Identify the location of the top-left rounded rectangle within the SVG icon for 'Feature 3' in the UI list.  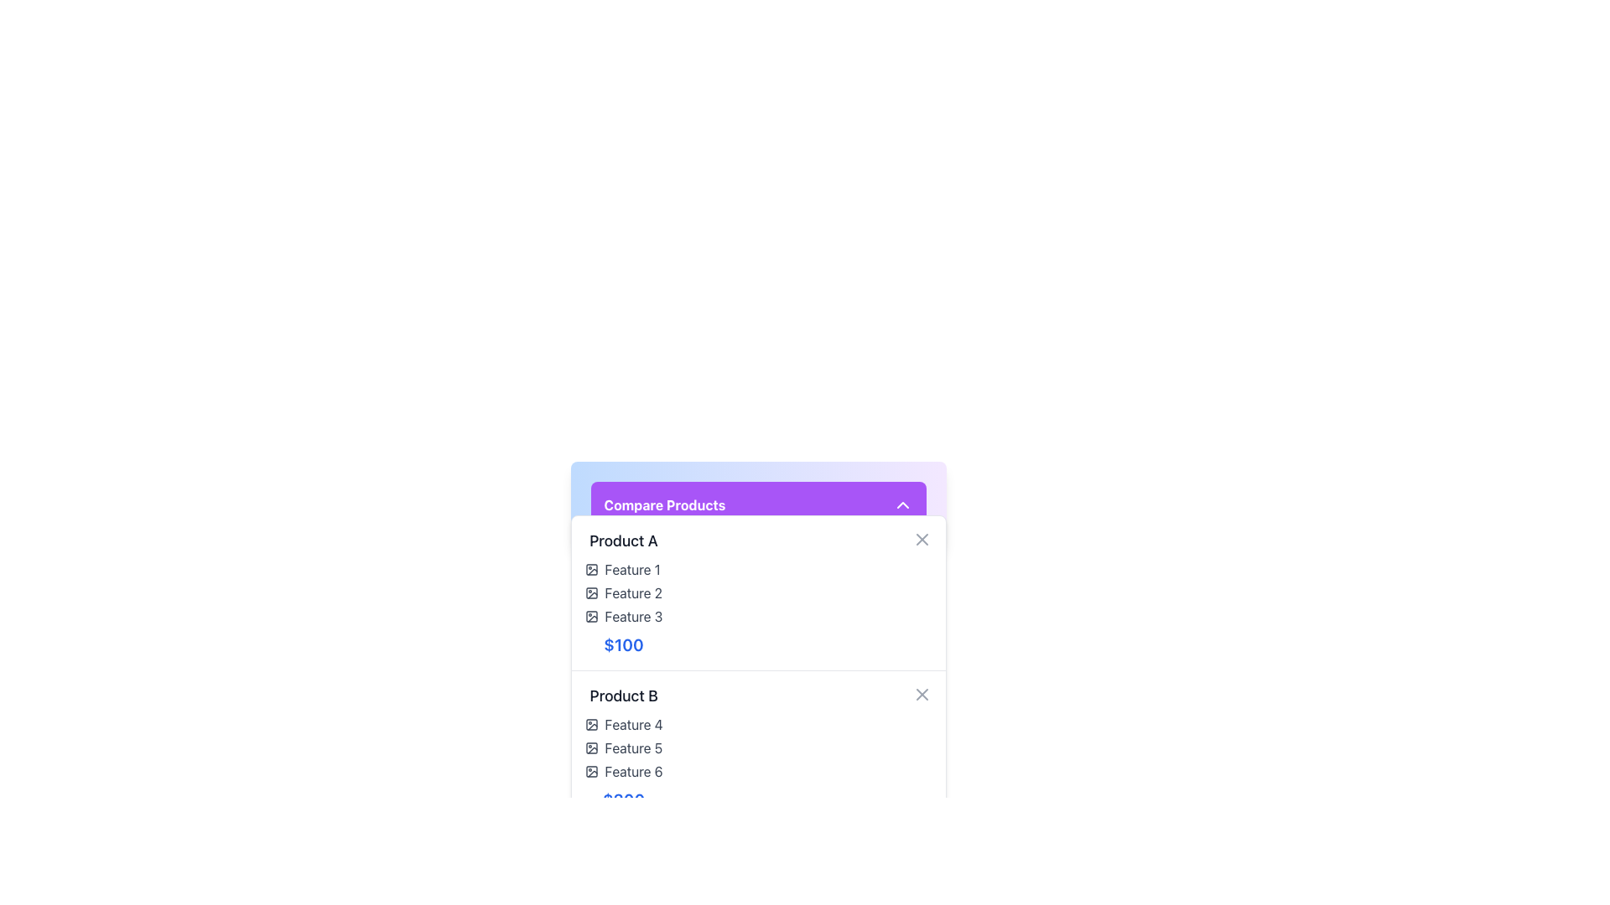
(591, 617).